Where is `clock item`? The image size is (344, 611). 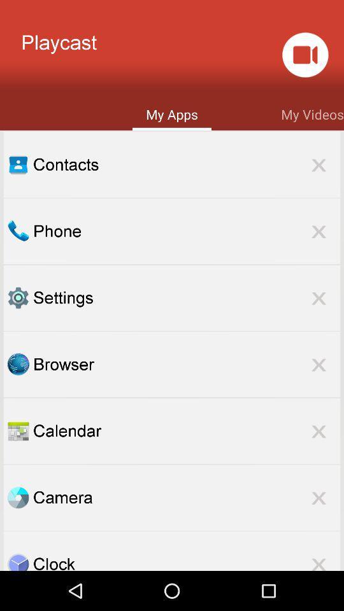
clock item is located at coordinates (186, 561).